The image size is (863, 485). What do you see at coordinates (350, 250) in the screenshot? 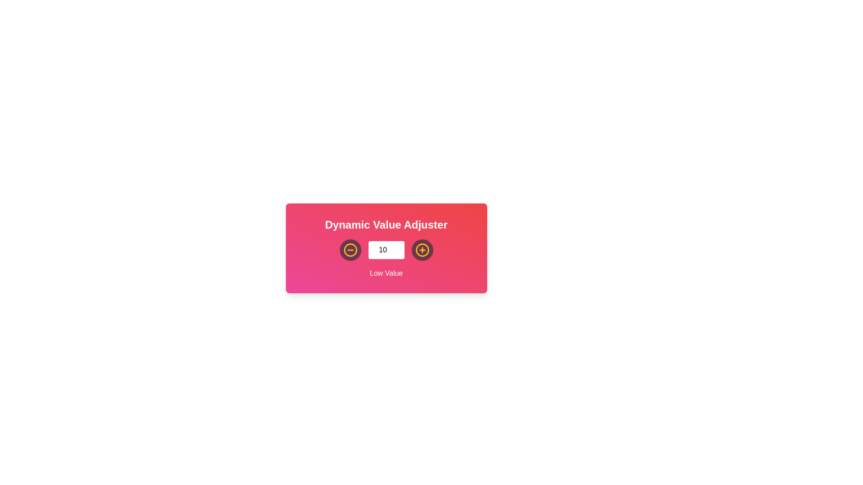
I see `the circular button with a yellow outline and purple background that resembles a minus sign` at bounding box center [350, 250].